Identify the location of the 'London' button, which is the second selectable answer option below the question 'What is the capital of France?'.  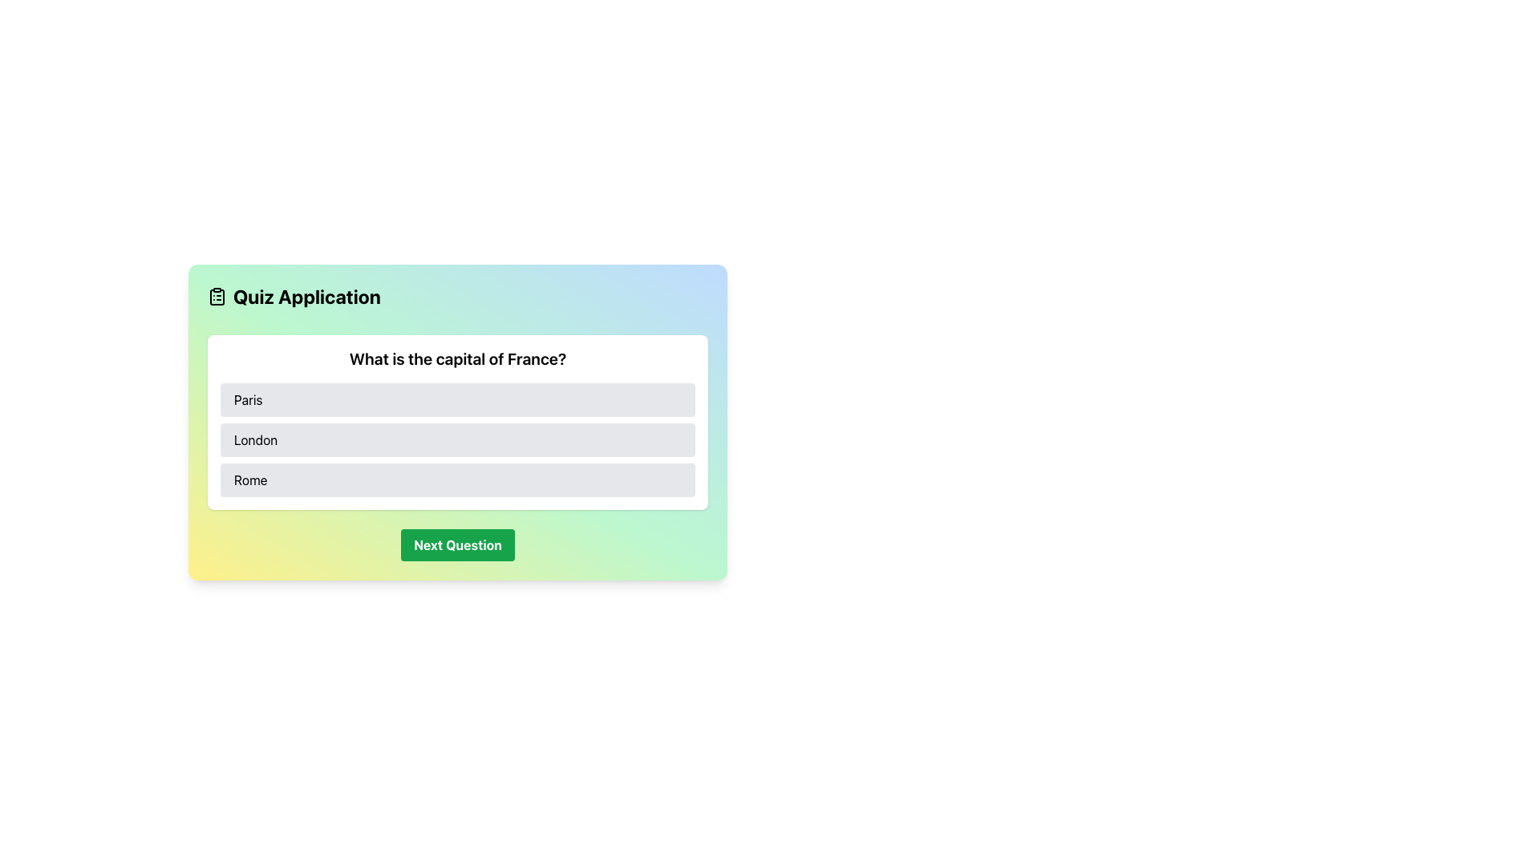
(457, 448).